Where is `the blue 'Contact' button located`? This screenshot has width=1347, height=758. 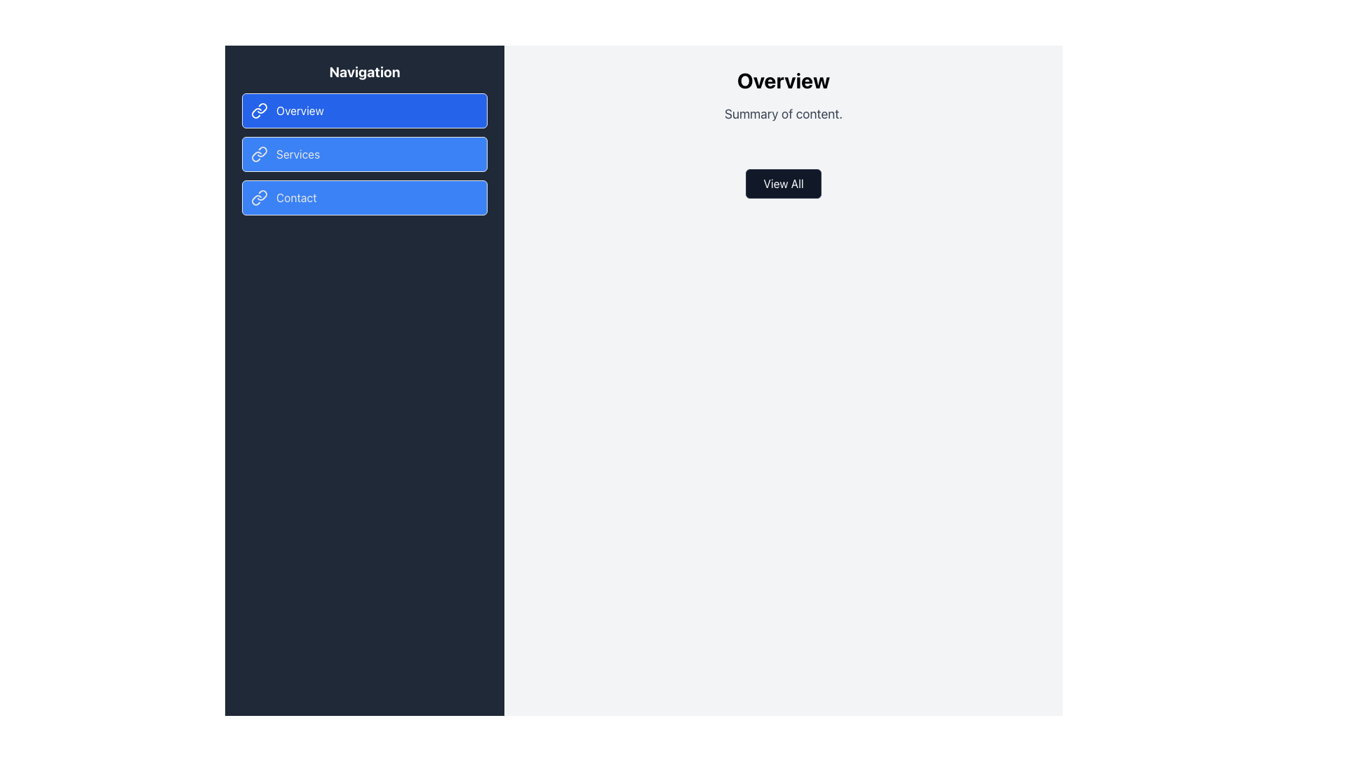
the blue 'Contact' button located is located at coordinates (364, 197).